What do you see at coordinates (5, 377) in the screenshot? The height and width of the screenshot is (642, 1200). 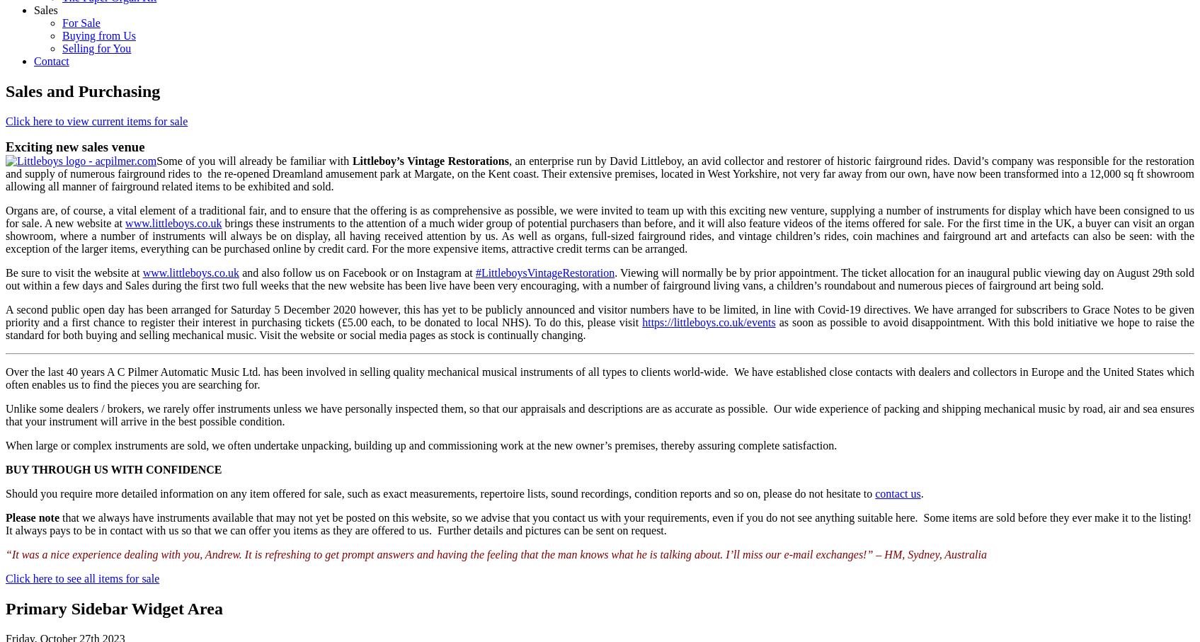 I see `'Over the last 40 years A C Pilmer Automatic Music Ltd. has been involved in selling quality mechanical musical instruments of all types to clients world-wide.  We have established close contacts with dealers and collectors in Europe and the United States which often enables us to find the pieces you are searching for.'` at bounding box center [5, 377].